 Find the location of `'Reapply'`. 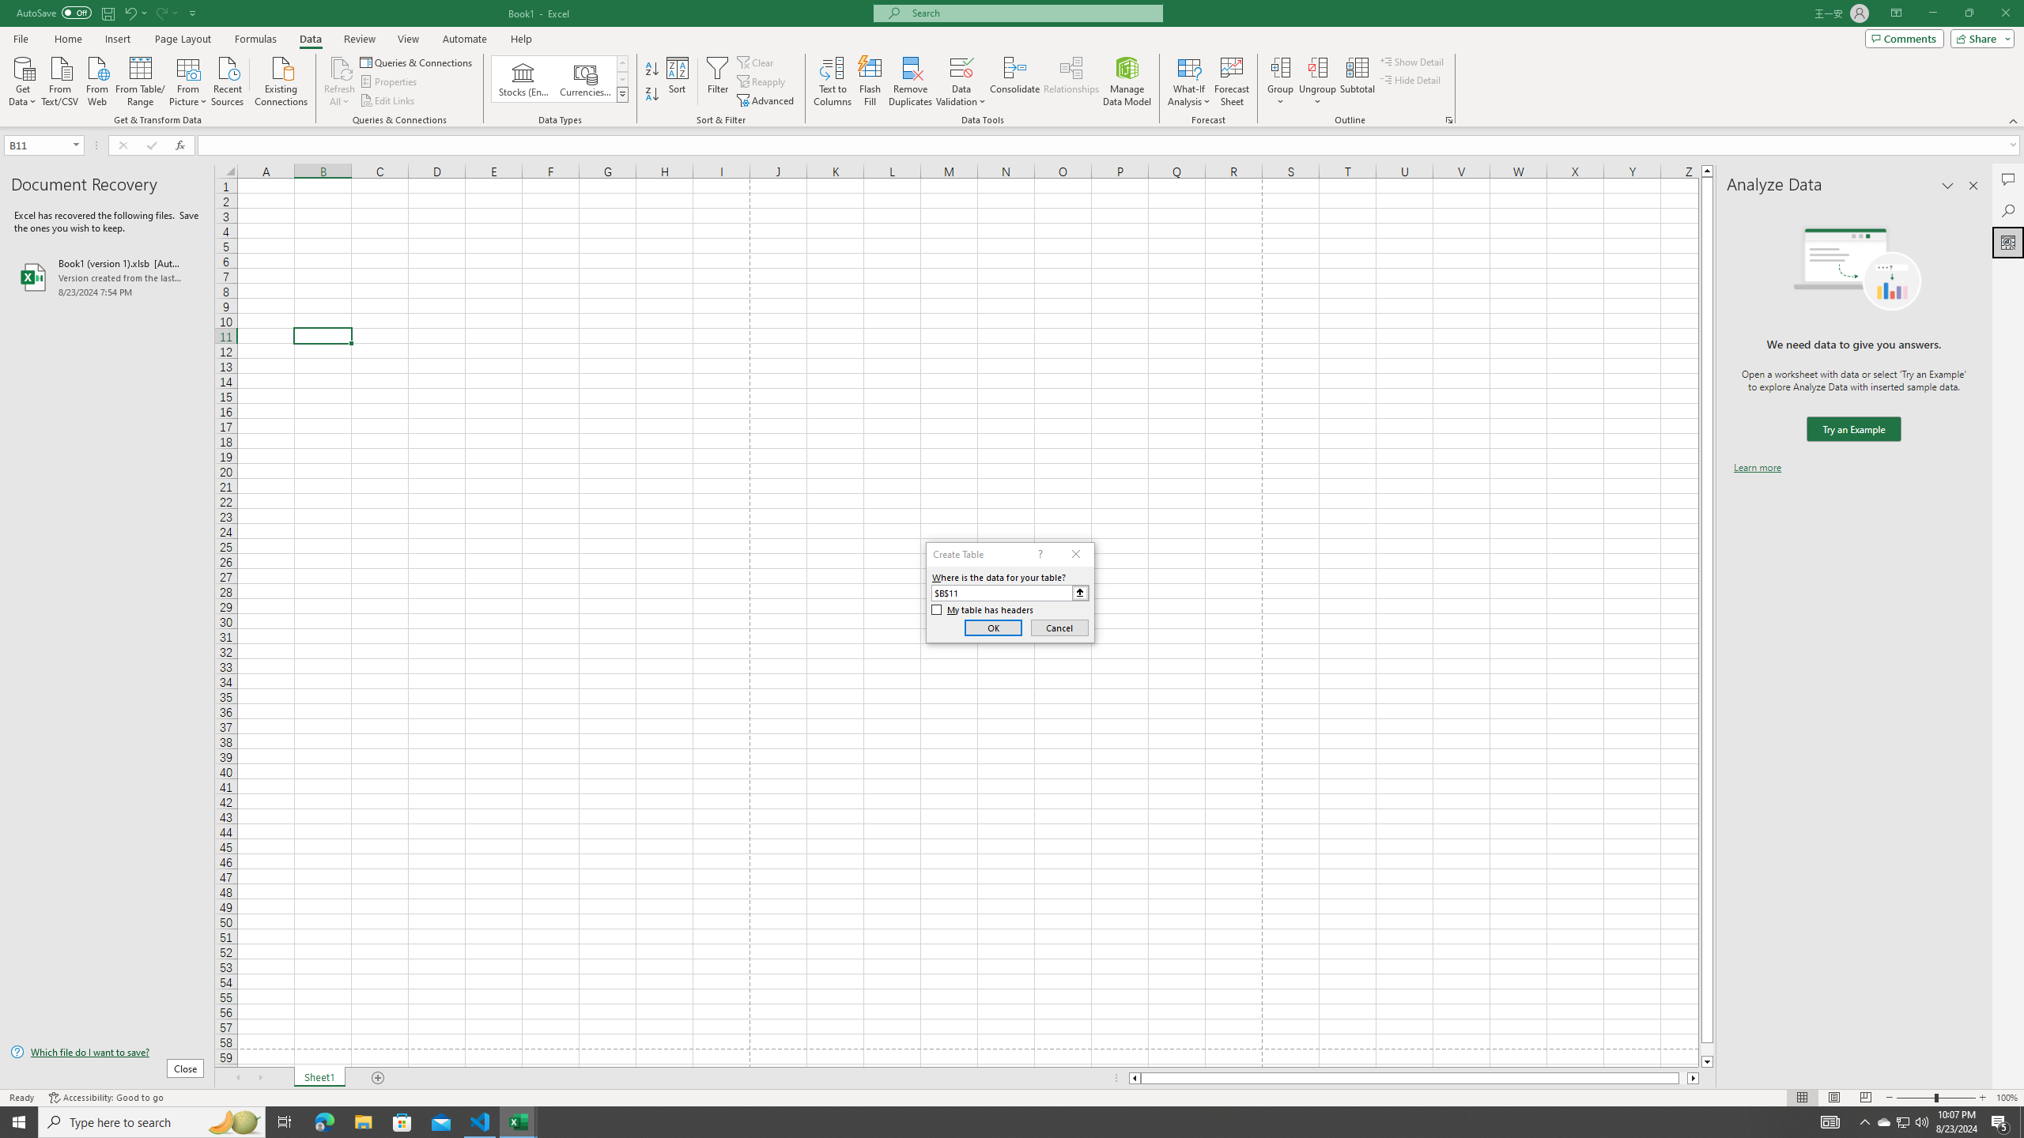

'Reapply' is located at coordinates (763, 81).